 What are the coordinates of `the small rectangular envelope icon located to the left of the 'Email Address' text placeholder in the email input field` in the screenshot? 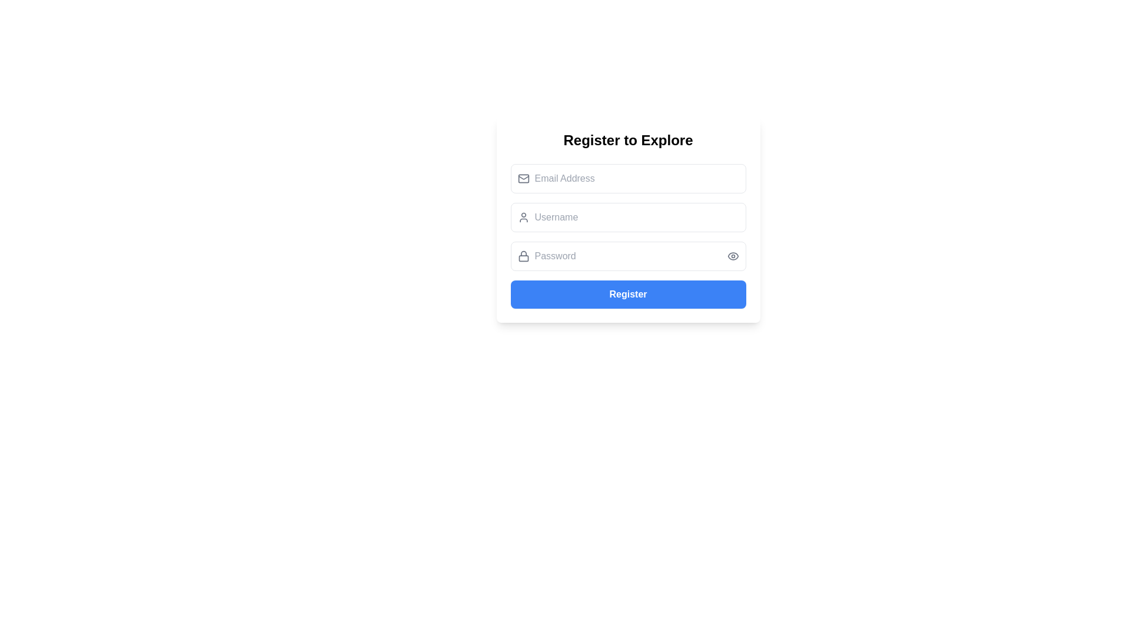 It's located at (523, 179).